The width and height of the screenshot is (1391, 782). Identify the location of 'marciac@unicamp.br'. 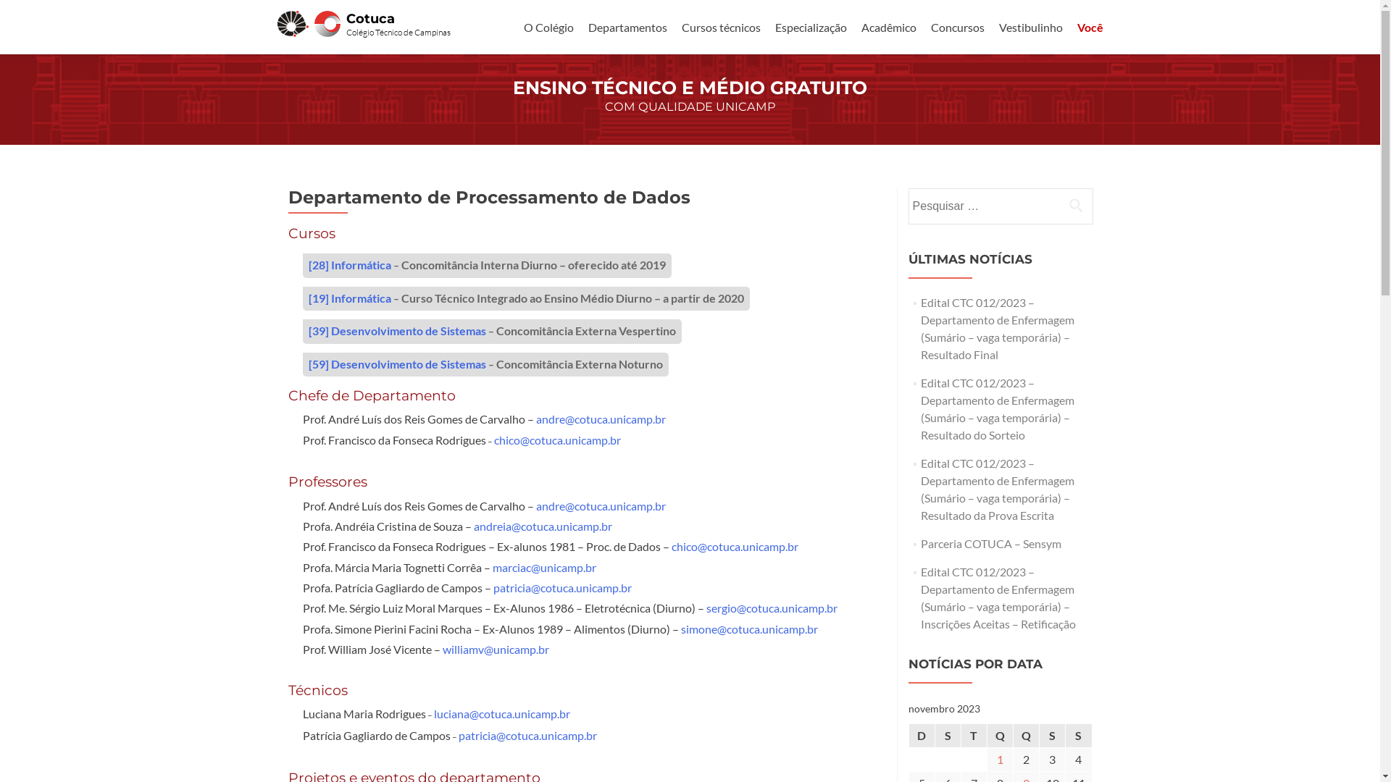
(543, 566).